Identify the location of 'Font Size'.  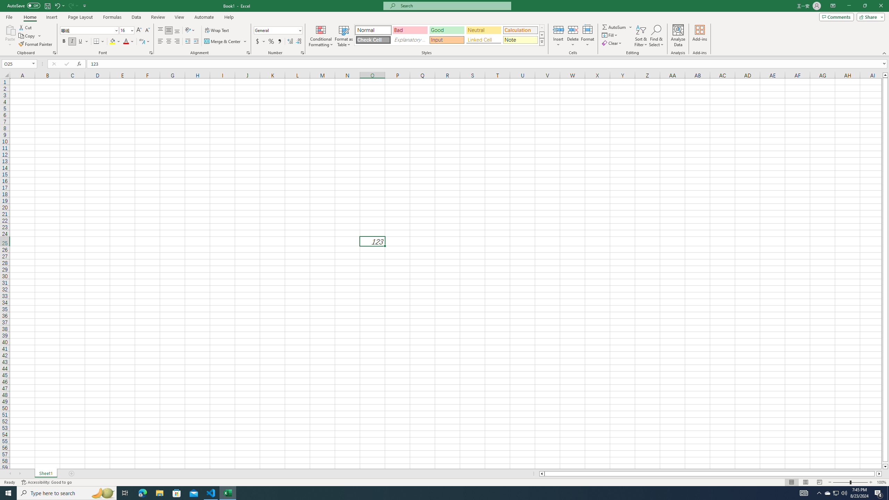
(124, 30).